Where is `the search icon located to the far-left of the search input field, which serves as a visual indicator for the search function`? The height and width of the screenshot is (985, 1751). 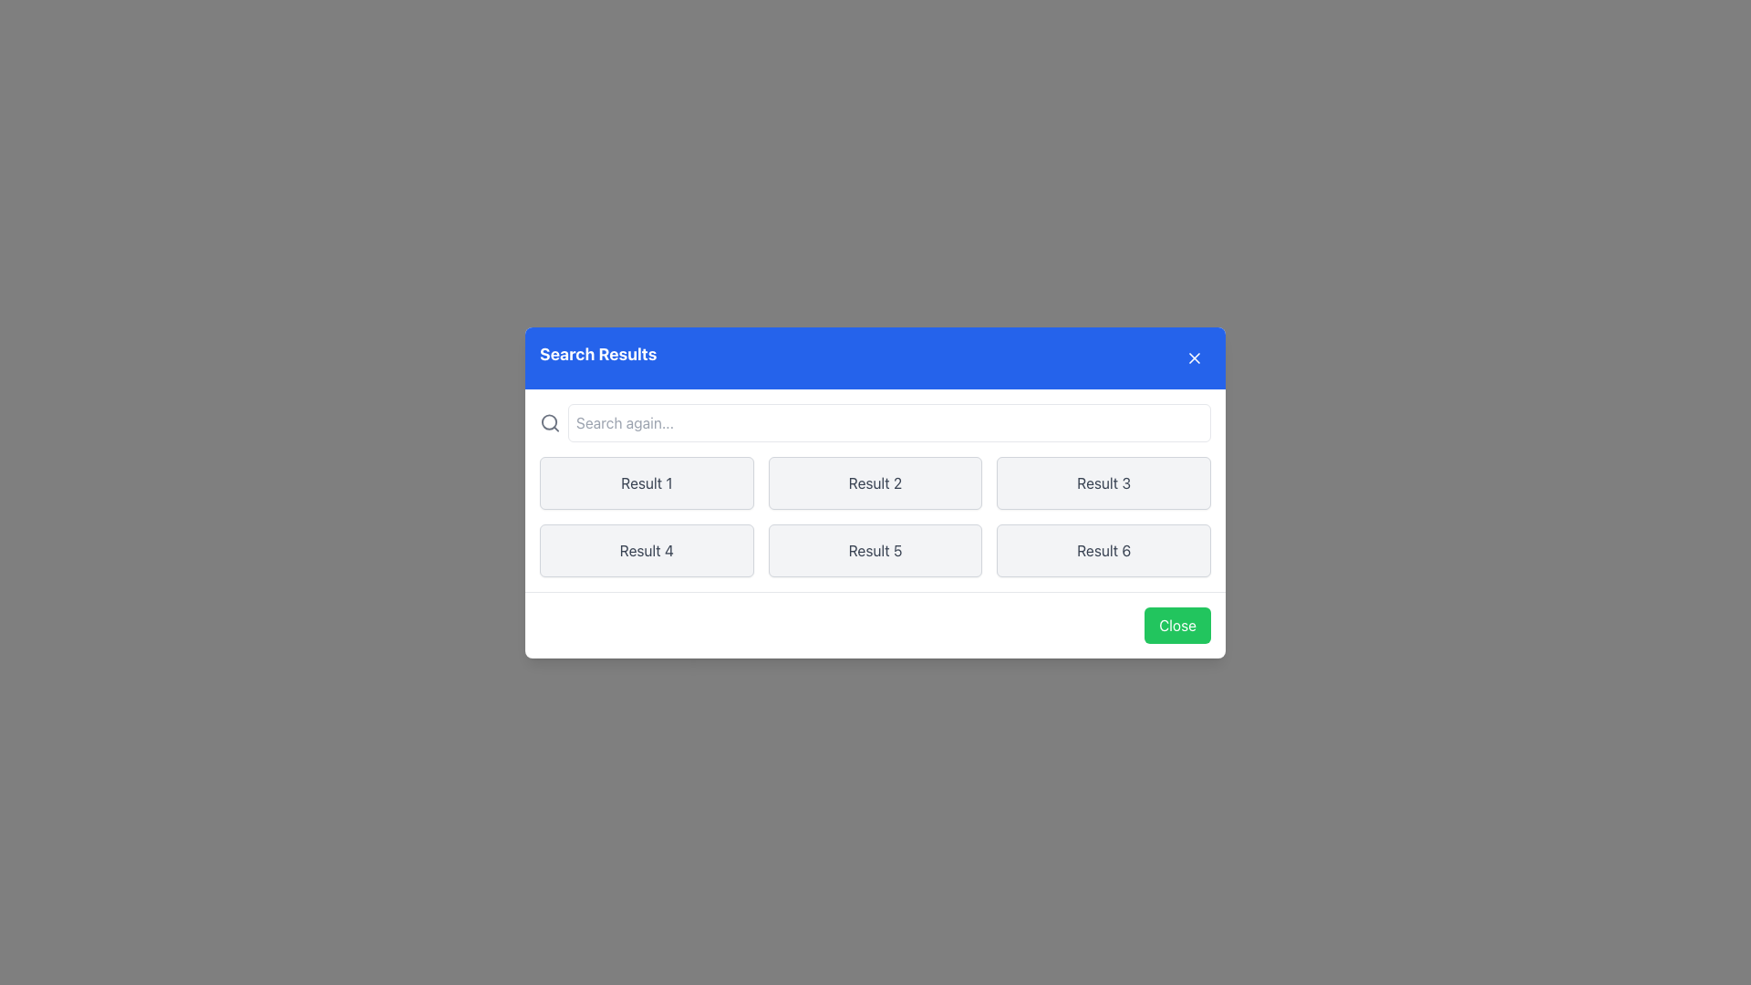 the search icon located to the far-left of the search input field, which serves as a visual indicator for the search function is located at coordinates (549, 422).